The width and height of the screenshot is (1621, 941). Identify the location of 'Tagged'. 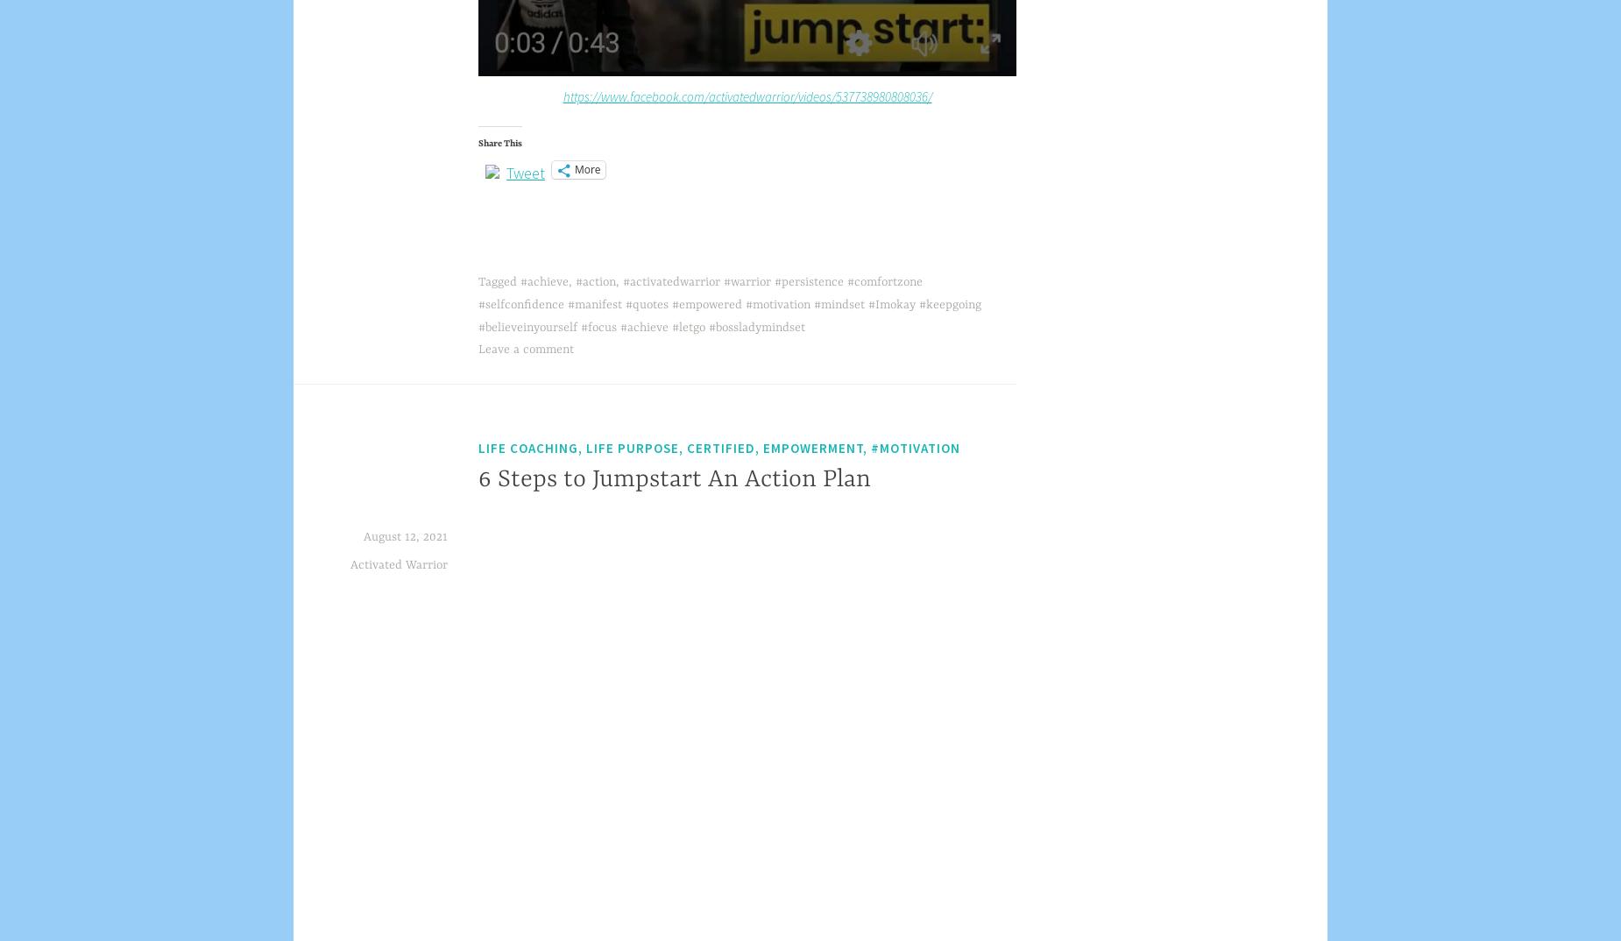
(499, 281).